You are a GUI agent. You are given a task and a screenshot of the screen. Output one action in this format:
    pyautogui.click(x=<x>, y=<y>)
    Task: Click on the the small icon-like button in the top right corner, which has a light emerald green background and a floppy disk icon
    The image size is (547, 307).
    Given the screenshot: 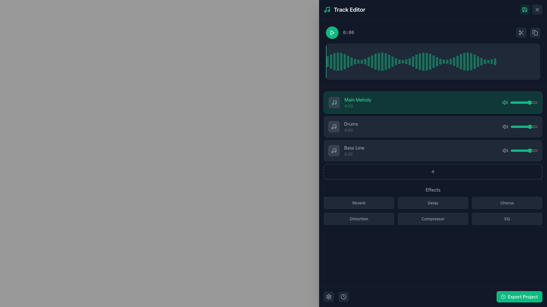 What is the action you would take?
    pyautogui.click(x=524, y=10)
    